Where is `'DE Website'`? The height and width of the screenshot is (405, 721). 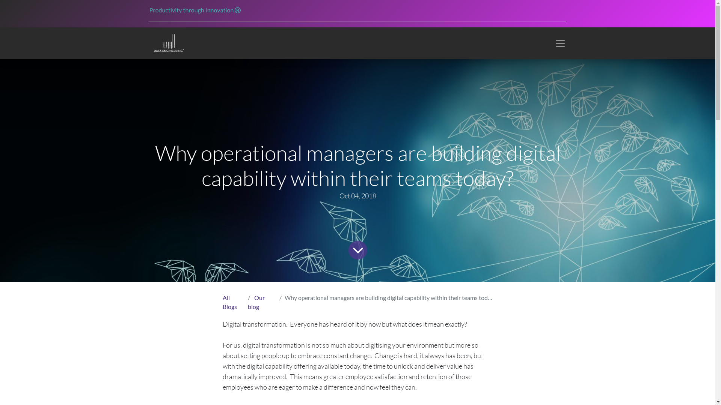 'DE Website' is located at coordinates (167, 43).